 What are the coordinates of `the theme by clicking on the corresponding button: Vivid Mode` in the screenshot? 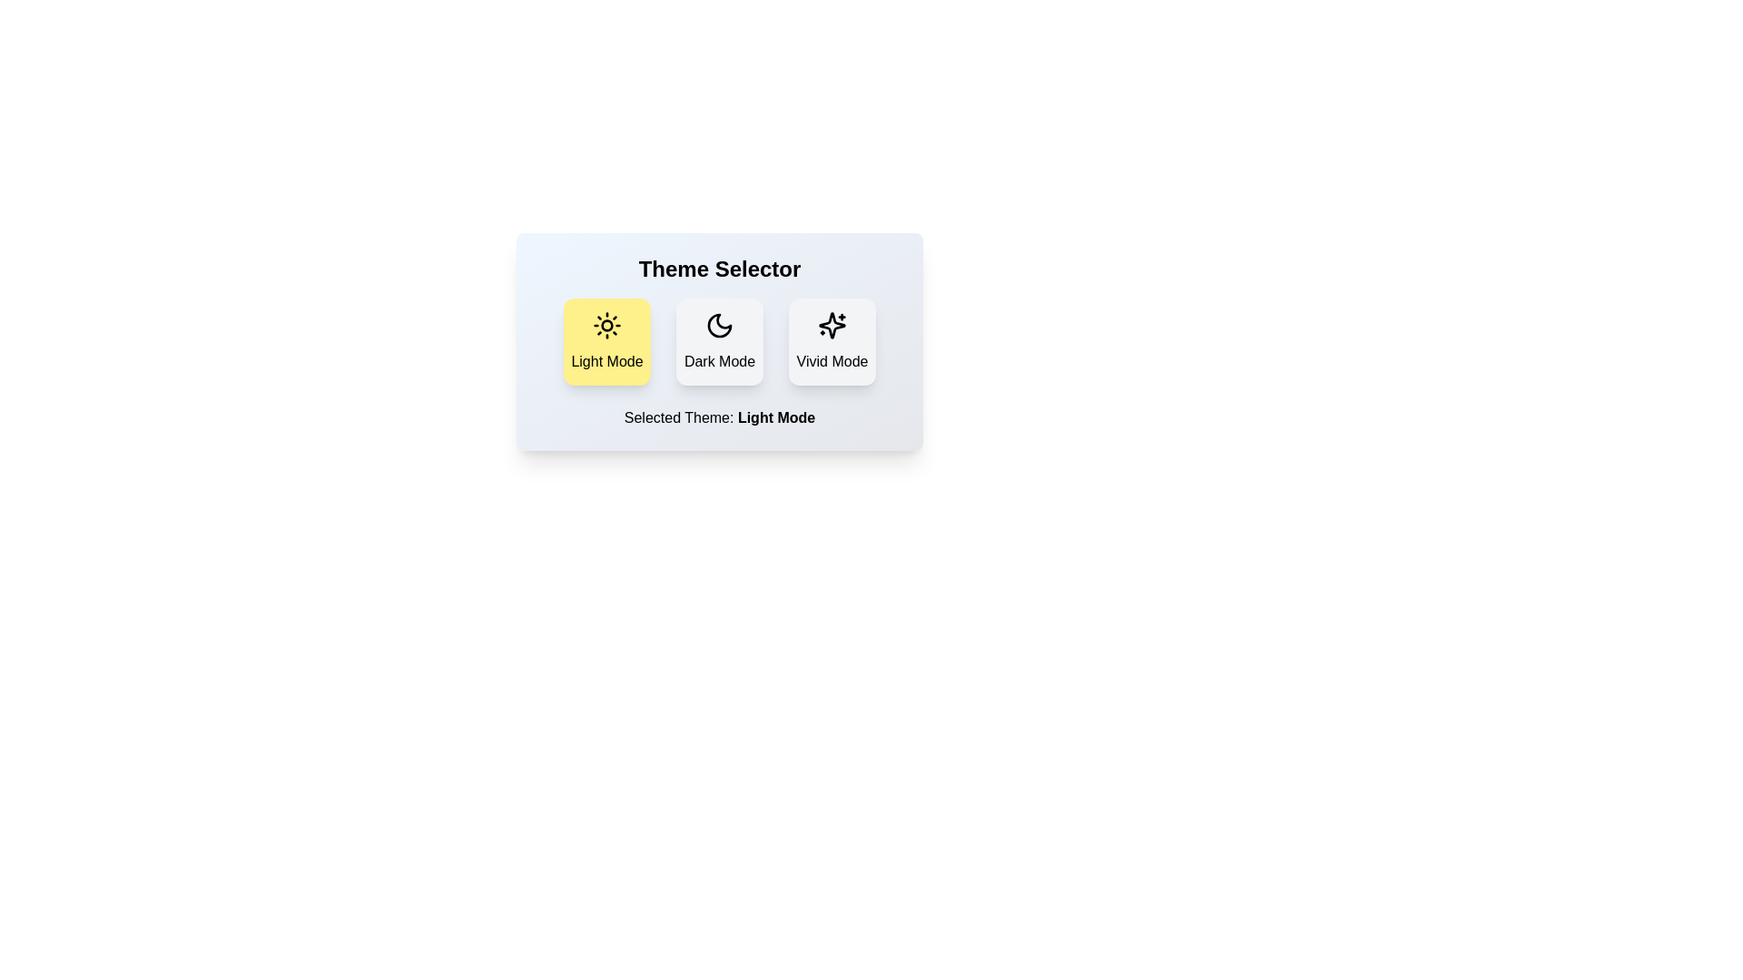 It's located at (831, 342).